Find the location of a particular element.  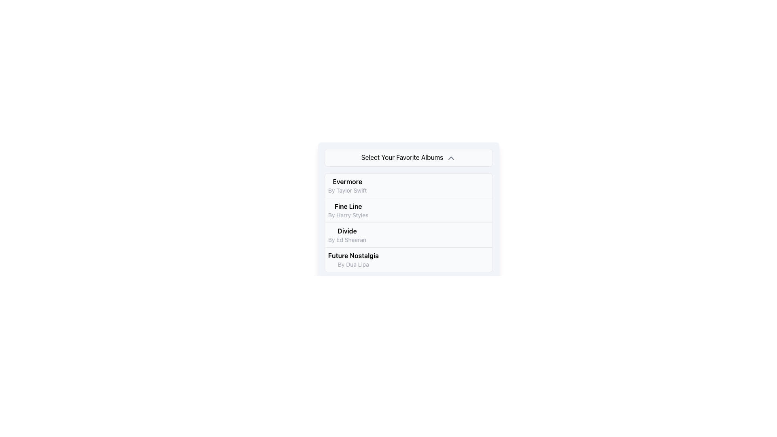

the text label displaying 'By Taylor Swift', which is a smaller and lighter font located immediately below 'Evermore' in the album list is located at coordinates (347, 190).